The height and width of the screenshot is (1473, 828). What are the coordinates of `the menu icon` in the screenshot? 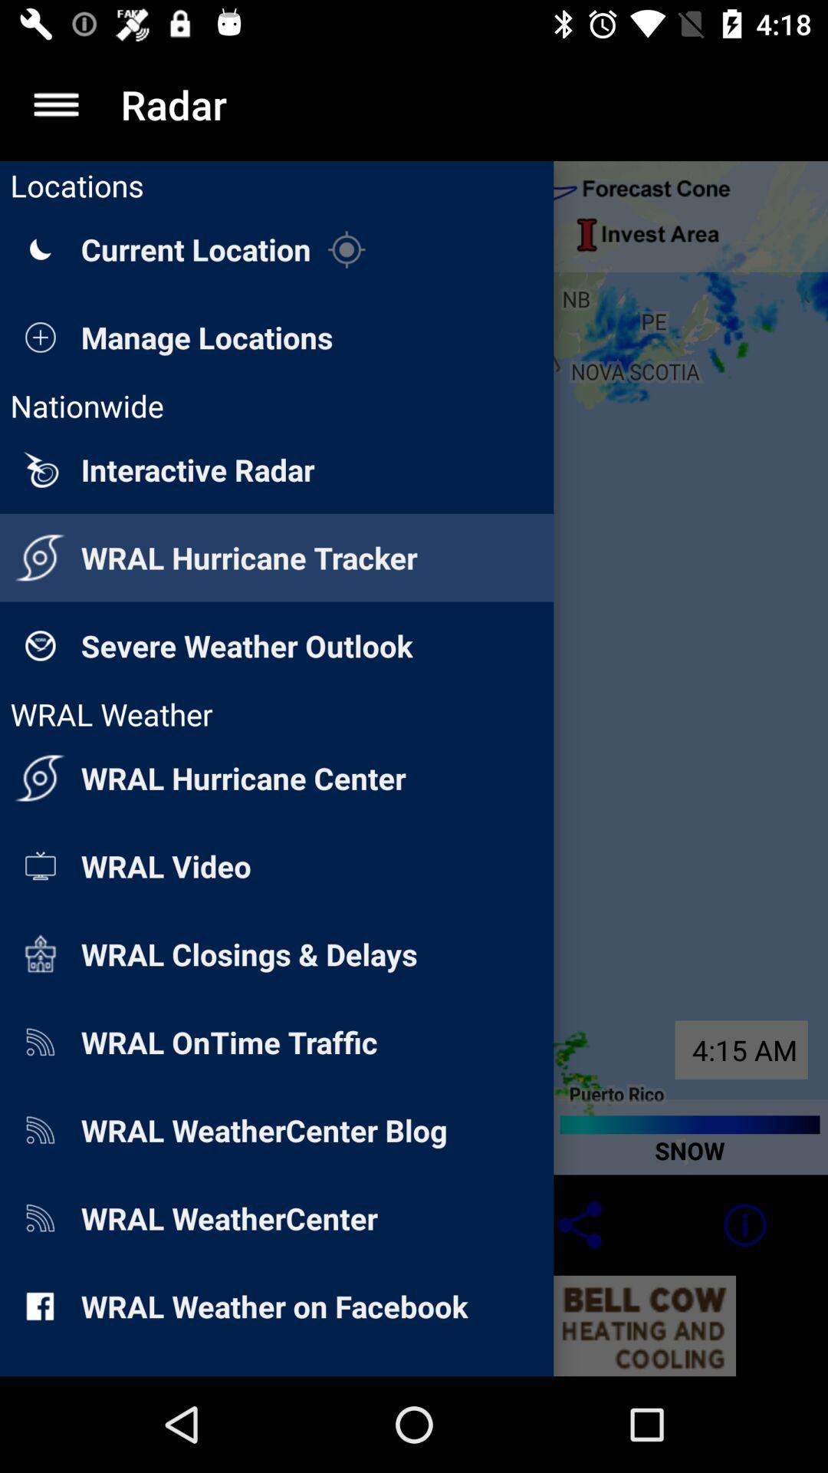 It's located at (55, 104).